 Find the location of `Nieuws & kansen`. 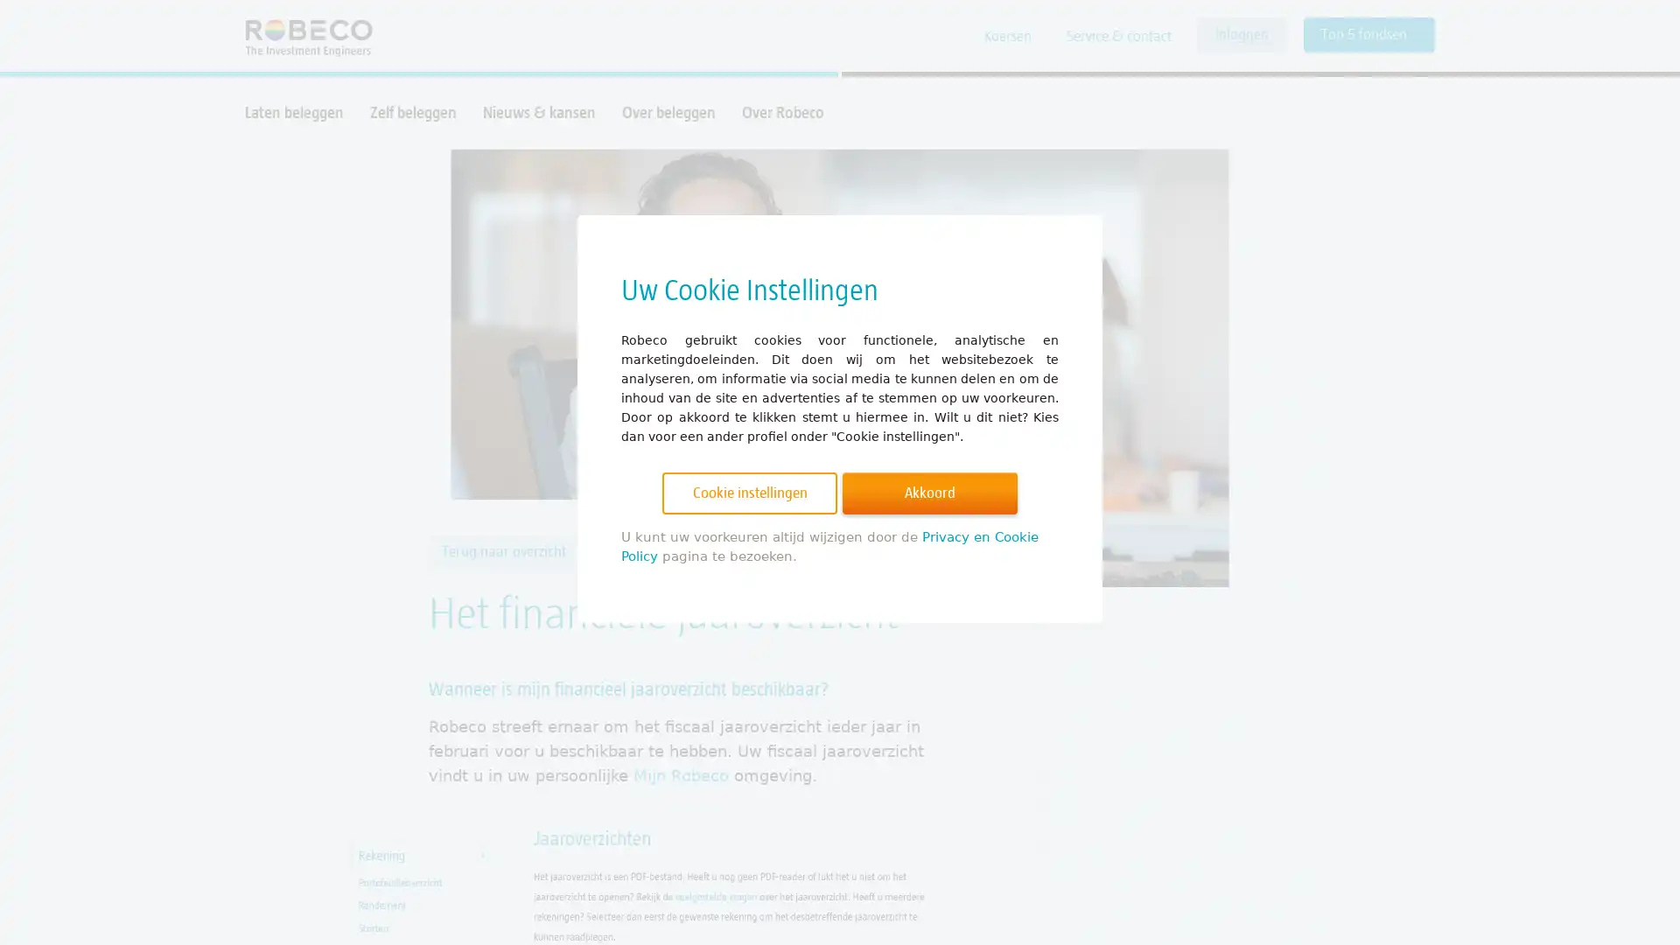

Nieuws & kansen is located at coordinates (538, 112).